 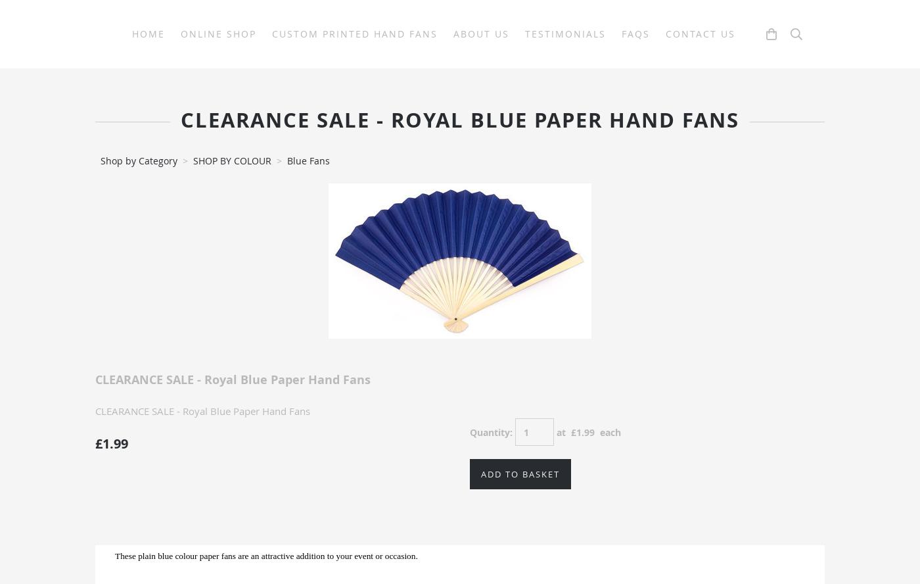 I want to click on '1.99', so click(x=585, y=431).